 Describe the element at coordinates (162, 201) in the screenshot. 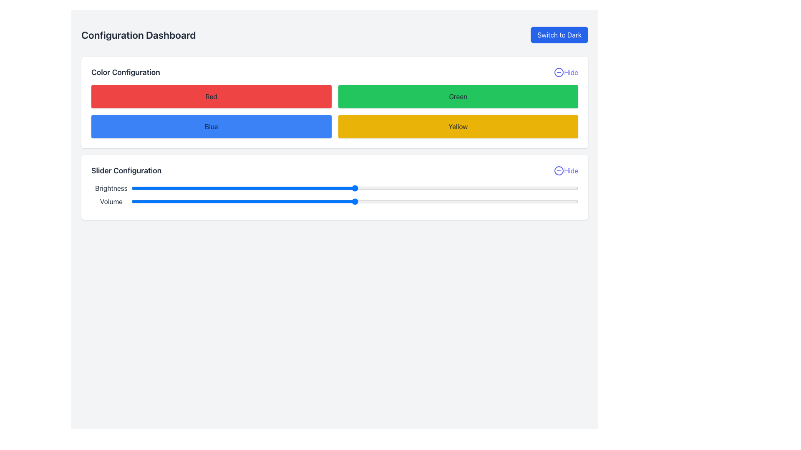

I see `volume` at that location.